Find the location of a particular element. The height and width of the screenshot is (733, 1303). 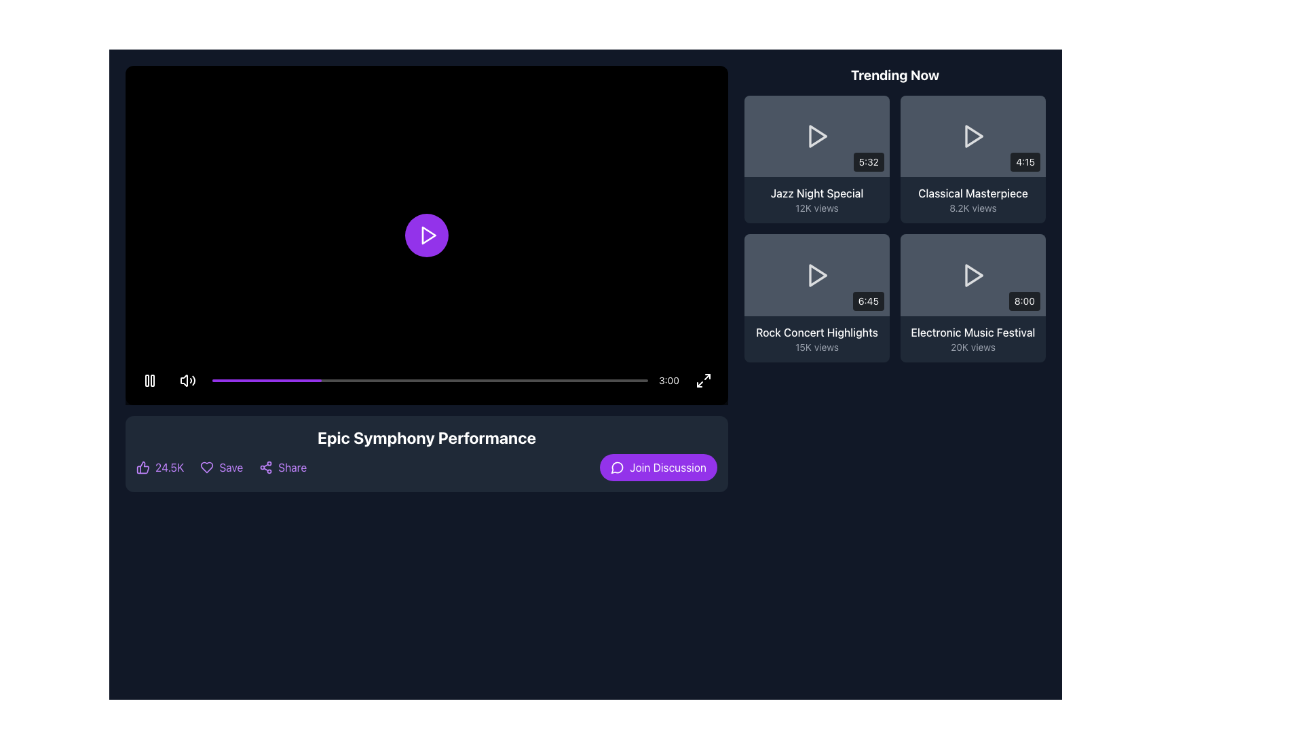

the triangular play icon button located in the center of the dark gray vertical rectangle representing the video thumbnail labeled 'Jazz Night Special' in the 'Trending Now' section is located at coordinates (816, 136).